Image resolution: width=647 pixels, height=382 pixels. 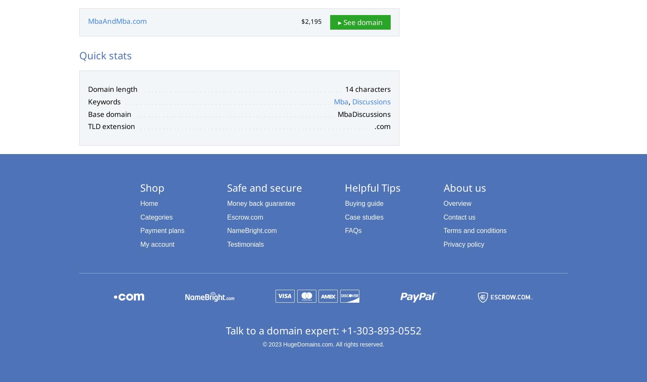 I want to click on 'Shop', so click(x=140, y=187).